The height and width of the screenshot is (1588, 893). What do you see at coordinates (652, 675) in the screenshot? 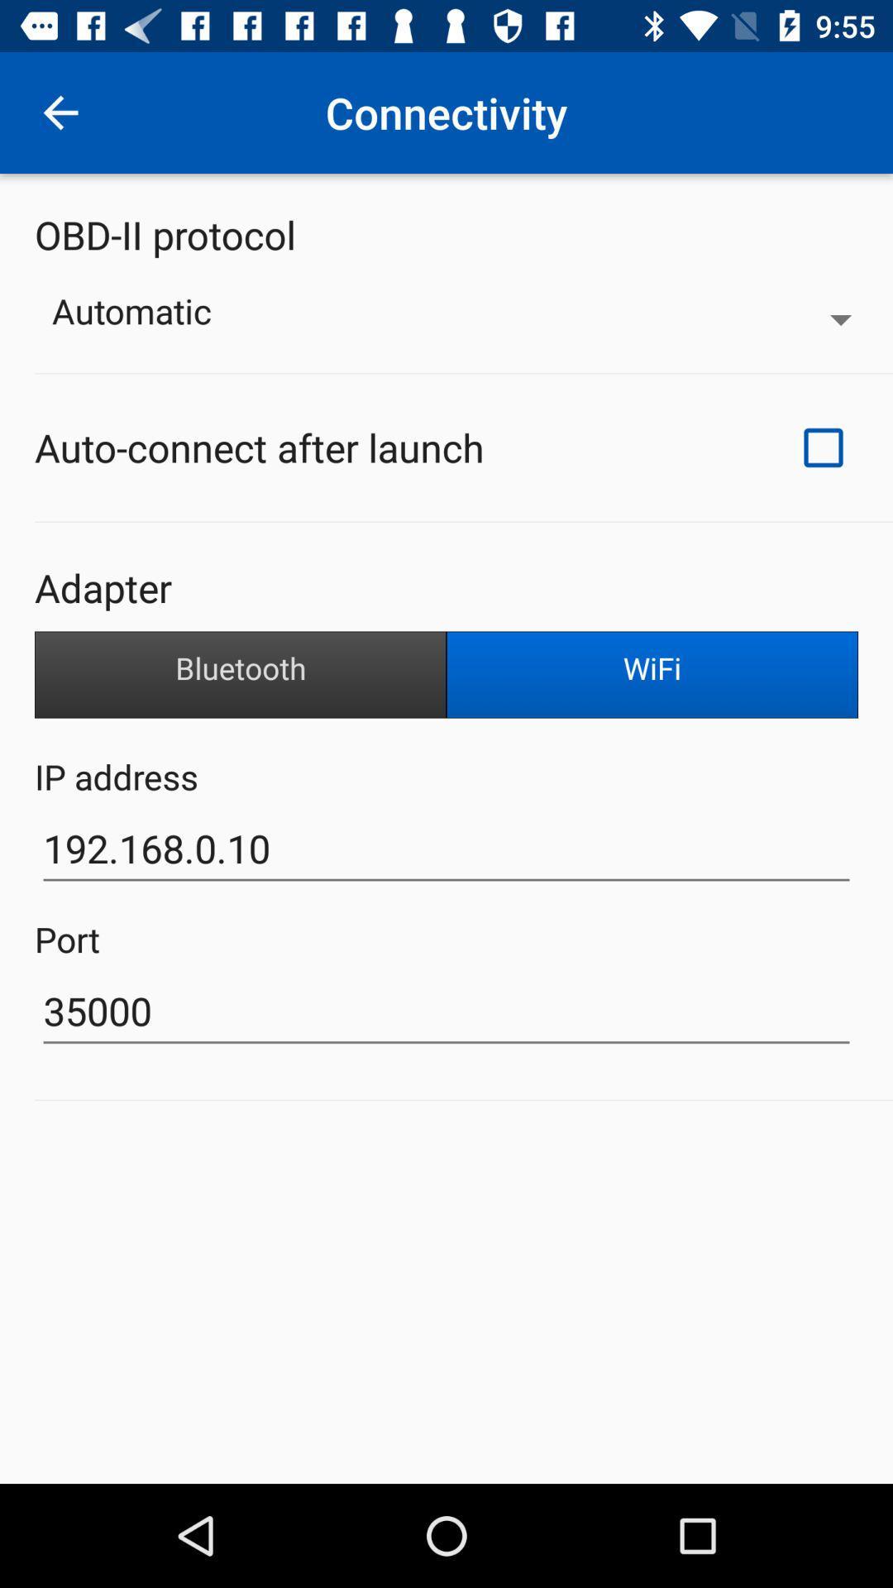
I see `the wifi` at bounding box center [652, 675].